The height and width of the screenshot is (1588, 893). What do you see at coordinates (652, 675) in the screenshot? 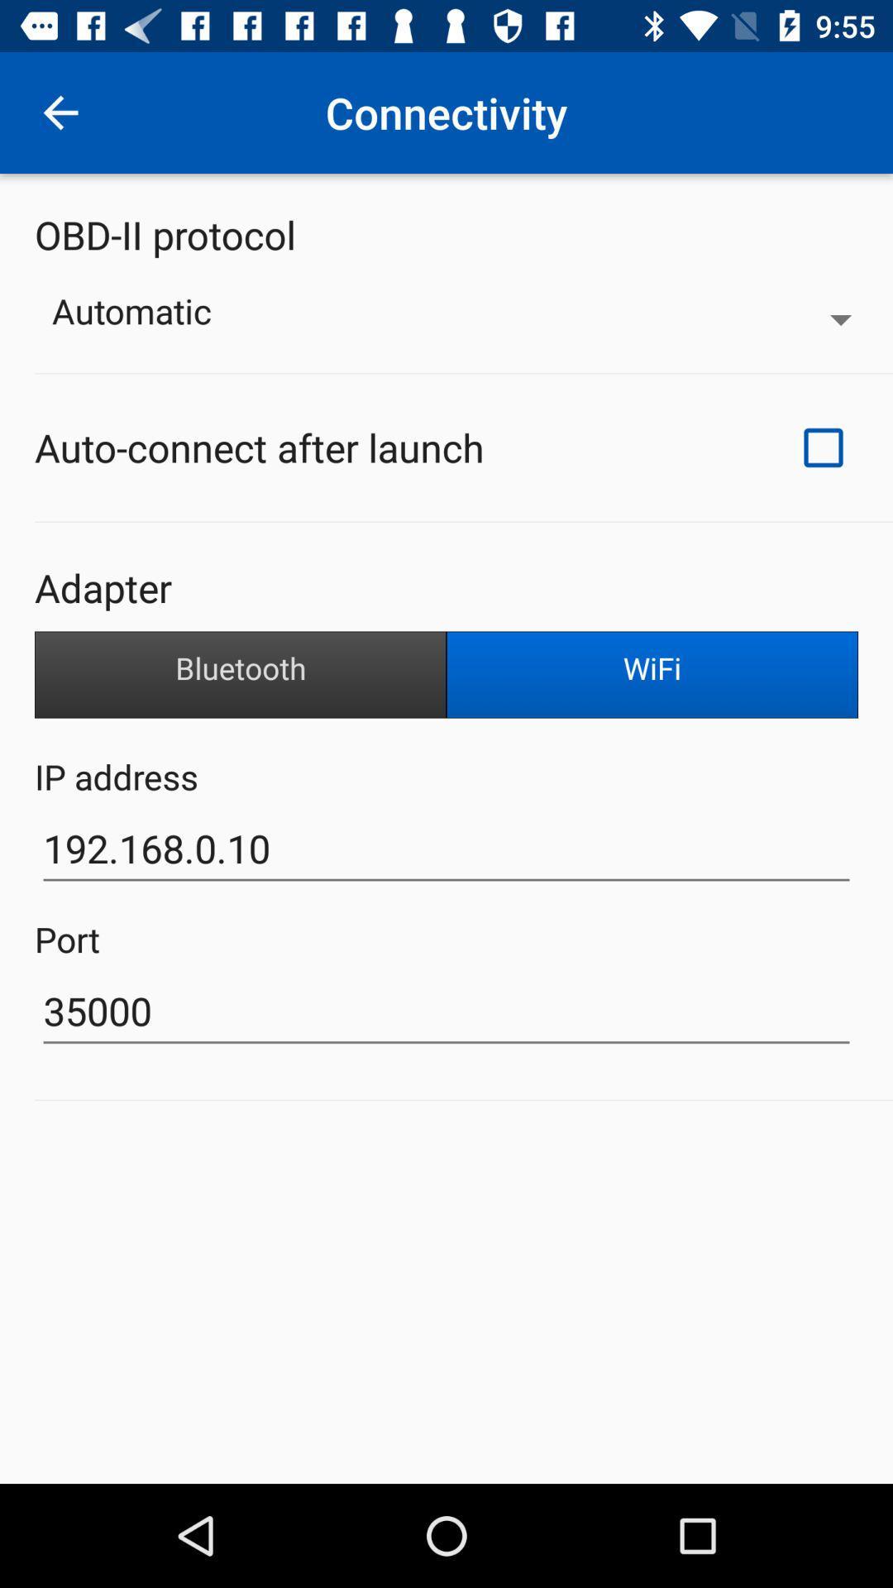
I see `the wifi` at bounding box center [652, 675].